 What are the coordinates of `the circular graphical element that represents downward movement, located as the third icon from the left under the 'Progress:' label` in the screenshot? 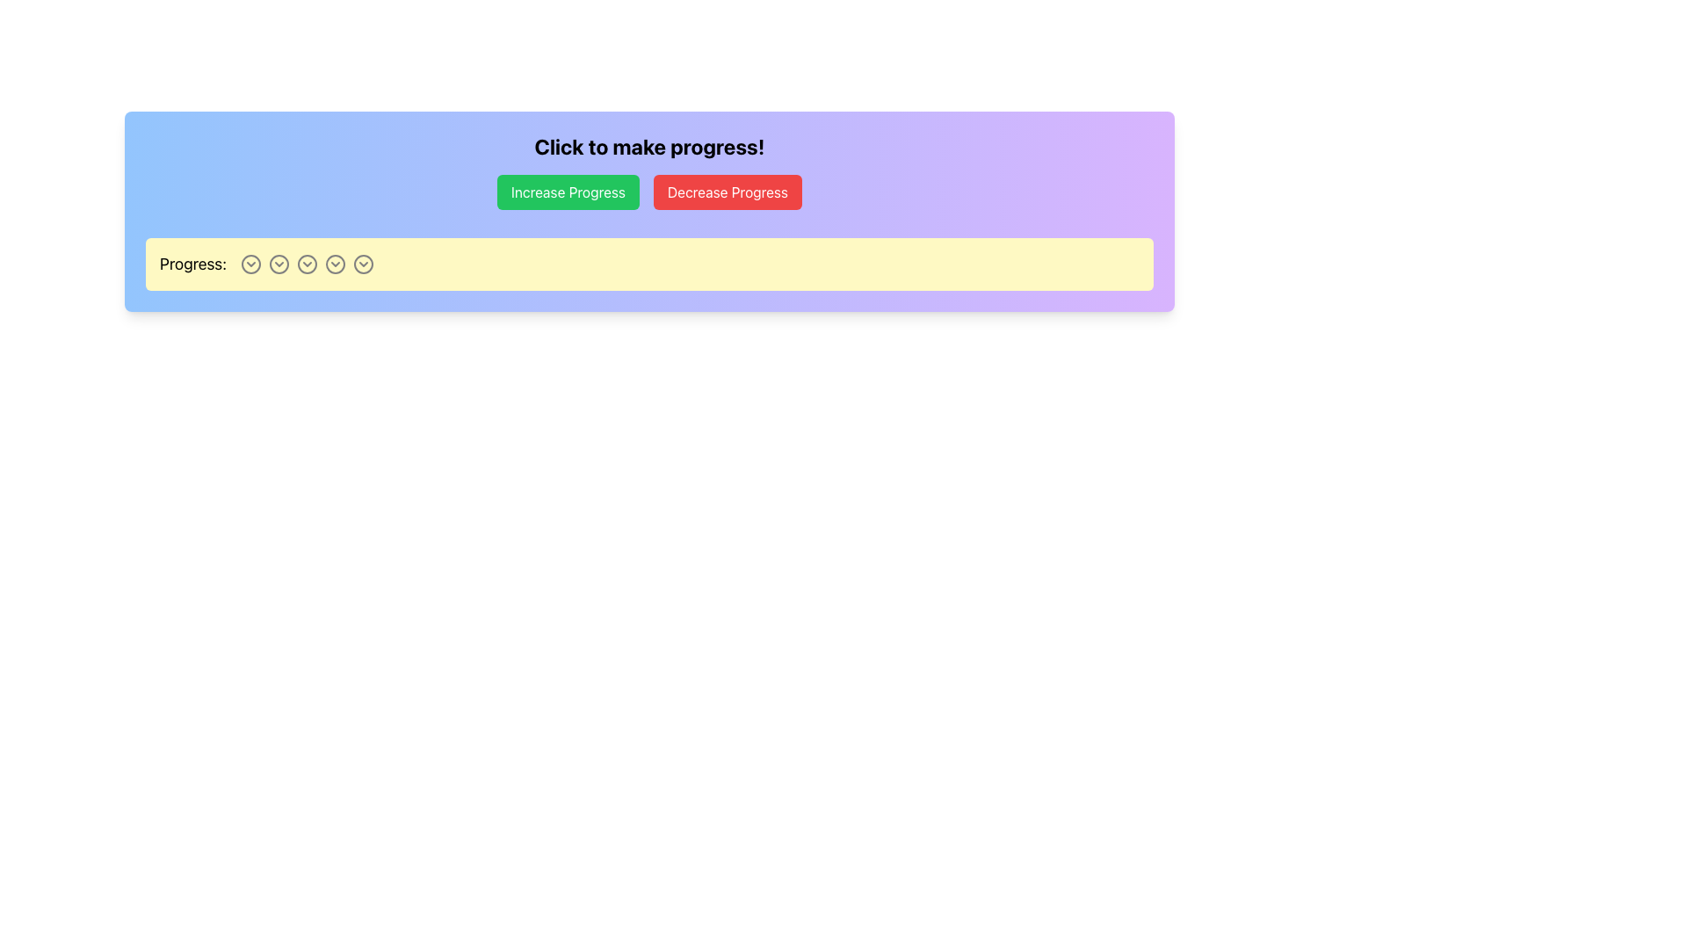 It's located at (308, 264).